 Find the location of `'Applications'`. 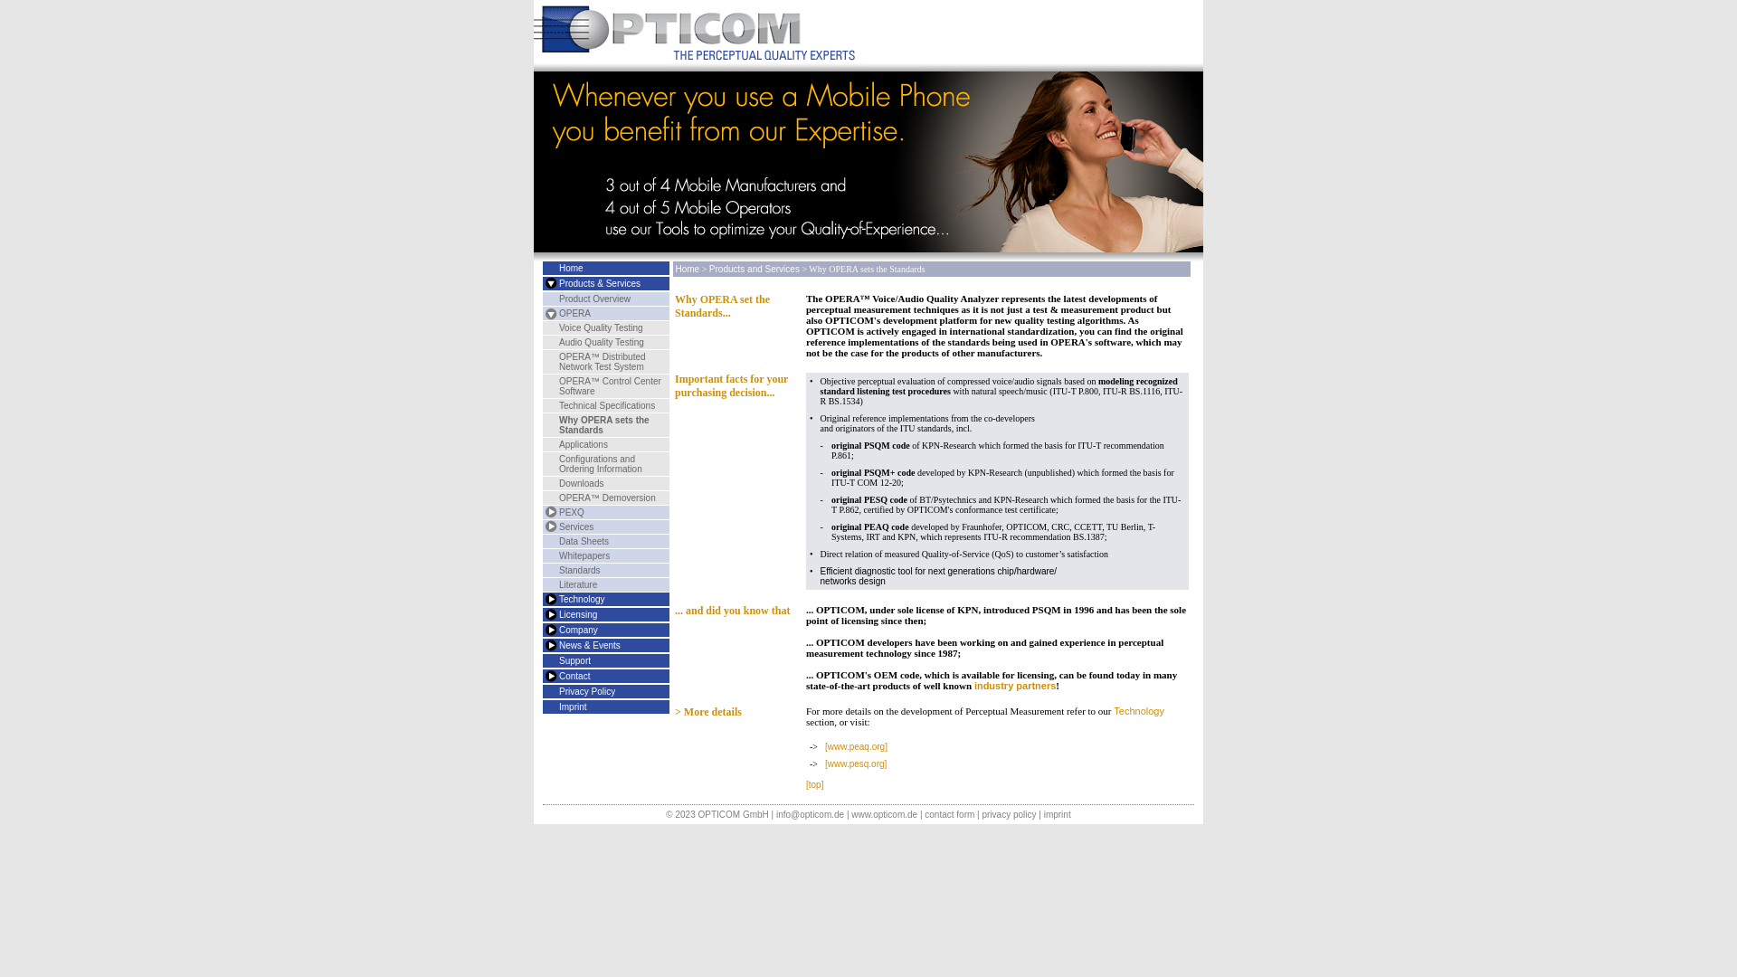

'Applications' is located at coordinates (583, 444).